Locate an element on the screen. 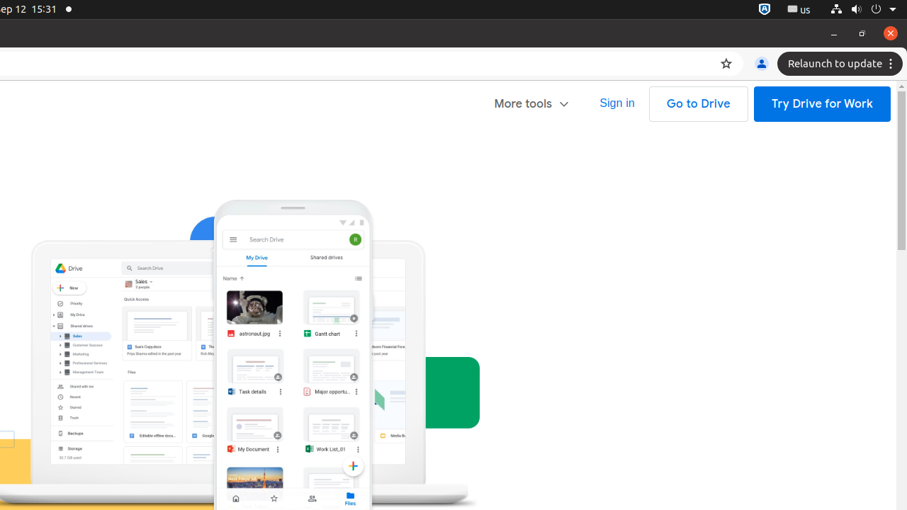 The height and width of the screenshot is (510, 907). 'System' is located at coordinates (862, 9).